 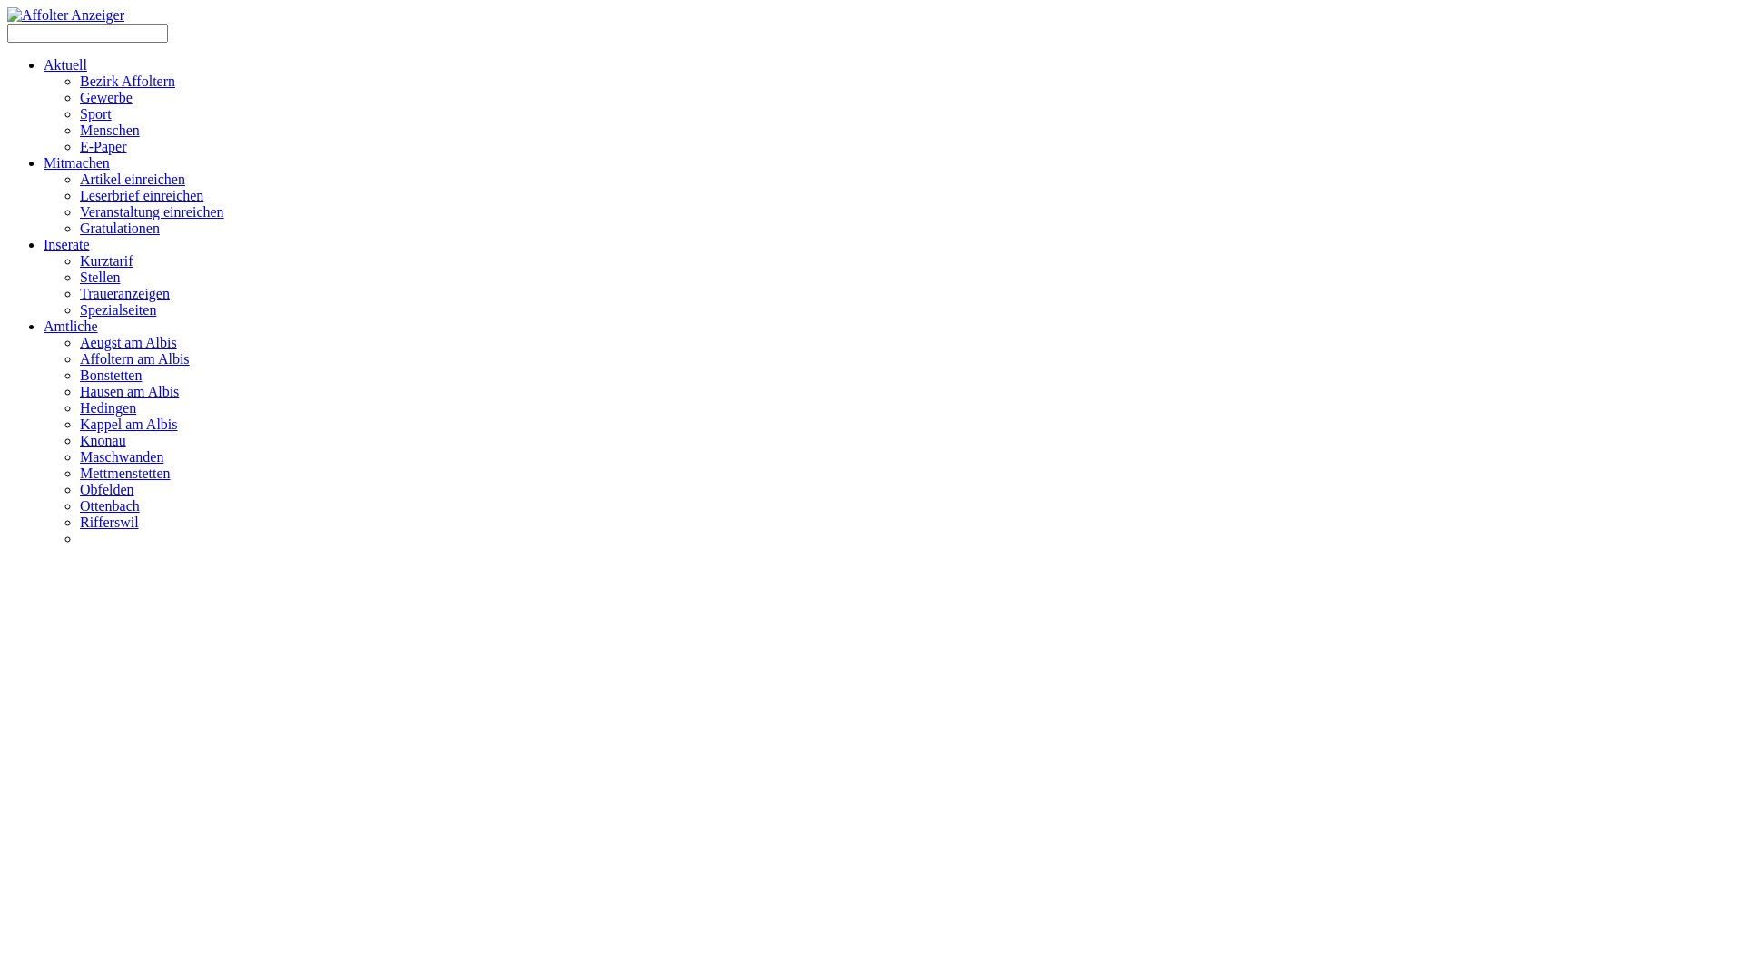 I want to click on 'Hausen am Albis', so click(x=128, y=390).